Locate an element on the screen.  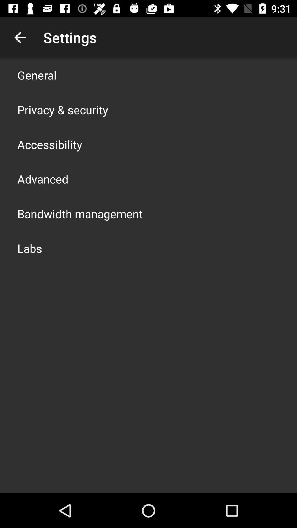
icon to the left of settings app is located at coordinates (20, 37).